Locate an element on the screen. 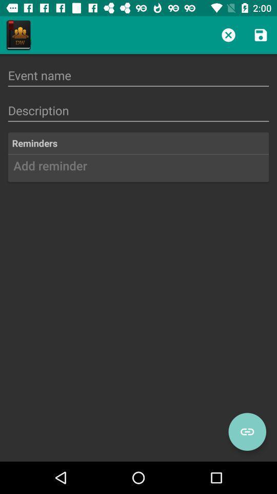  add reminder icon is located at coordinates (138, 169).